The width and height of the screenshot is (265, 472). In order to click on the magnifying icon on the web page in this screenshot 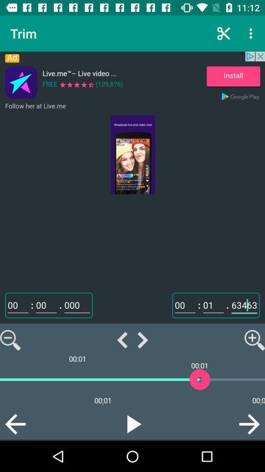, I will do `click(254, 340)`.